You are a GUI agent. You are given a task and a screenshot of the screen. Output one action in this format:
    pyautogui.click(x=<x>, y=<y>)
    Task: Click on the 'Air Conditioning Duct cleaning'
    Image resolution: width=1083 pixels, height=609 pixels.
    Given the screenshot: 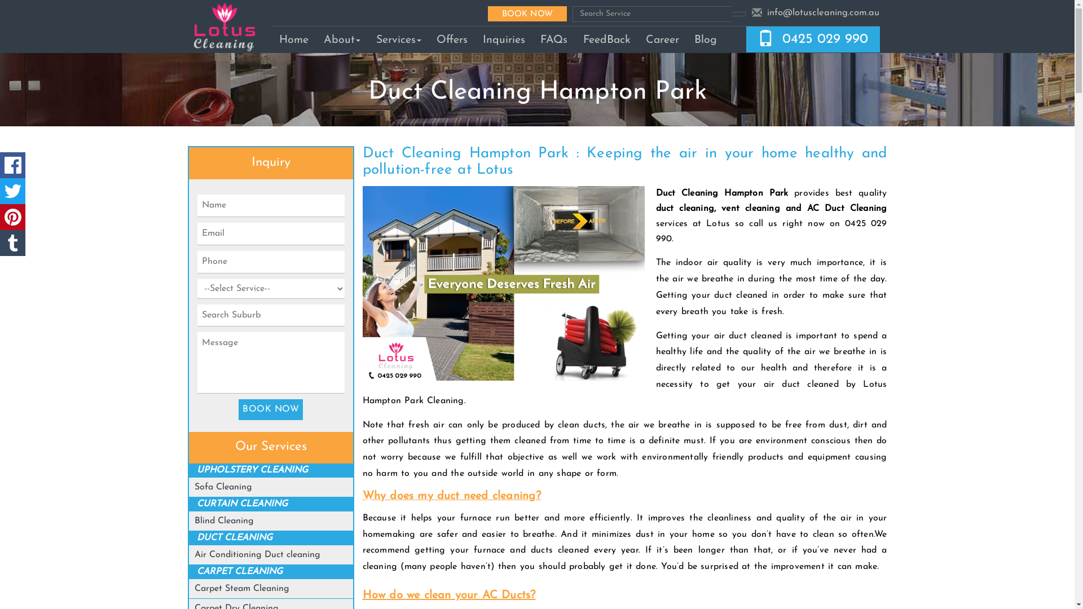 What is the action you would take?
    pyautogui.click(x=257, y=554)
    